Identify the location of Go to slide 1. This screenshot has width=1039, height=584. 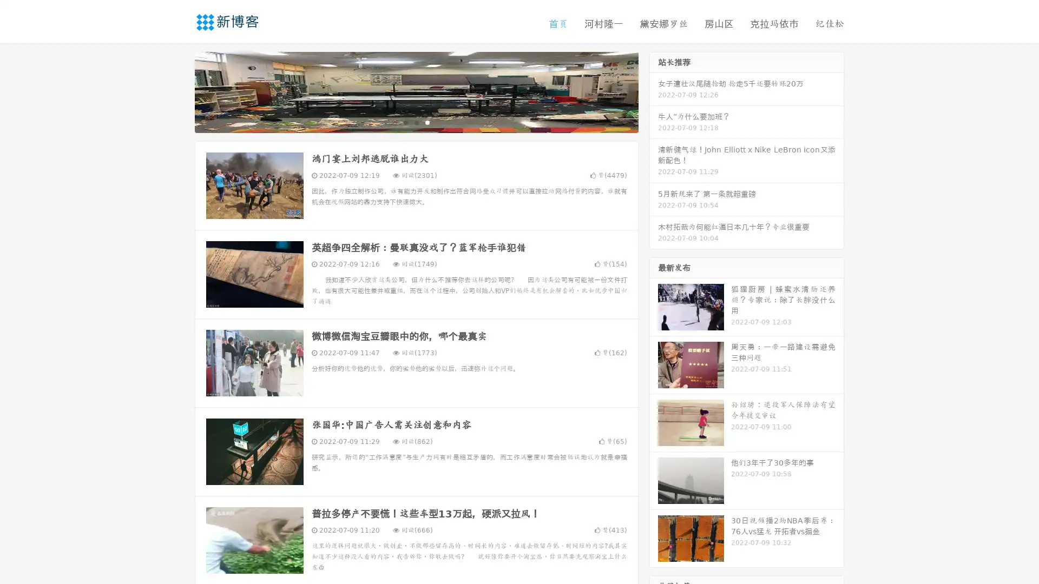
(405, 122).